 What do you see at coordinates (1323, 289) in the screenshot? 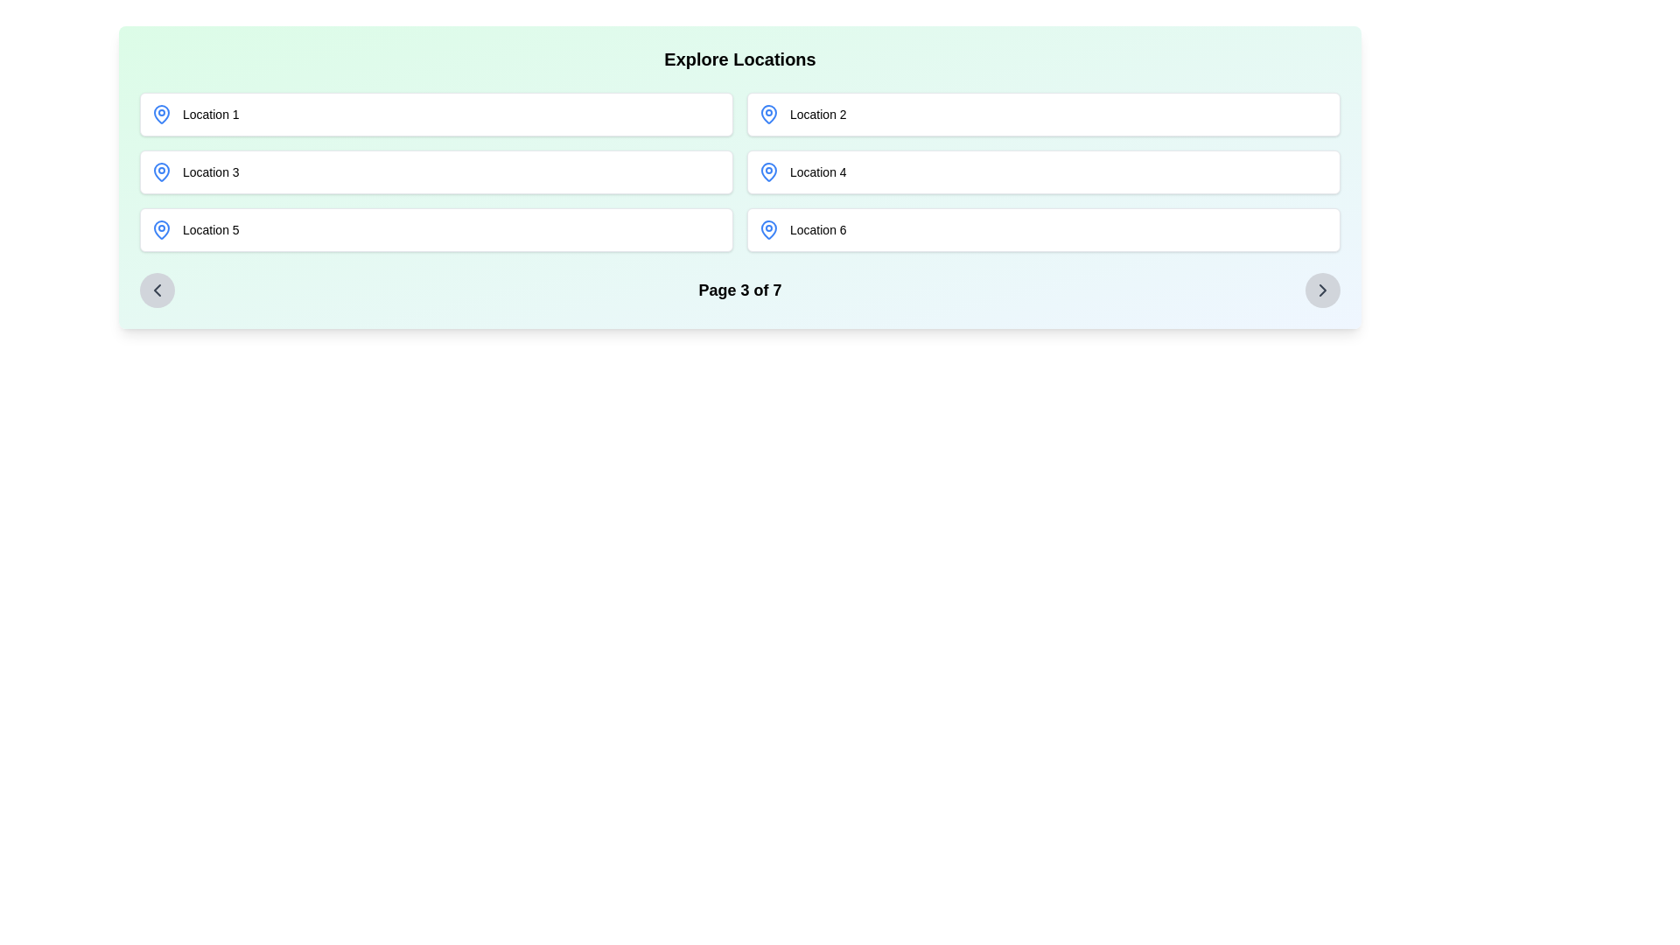
I see `the right-pointing chevron icon located at the bottom-right corner of the panel inside the circular button` at bounding box center [1323, 289].